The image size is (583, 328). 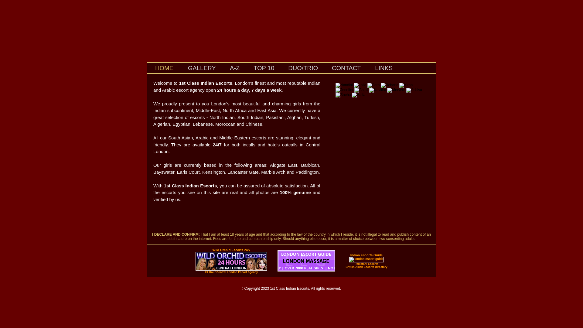 I want to click on 'TOP 10', so click(x=264, y=68).